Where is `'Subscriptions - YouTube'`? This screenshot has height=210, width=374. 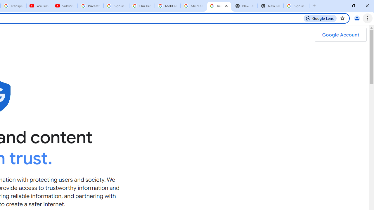
'Subscriptions - YouTube' is located at coordinates (65, 6).